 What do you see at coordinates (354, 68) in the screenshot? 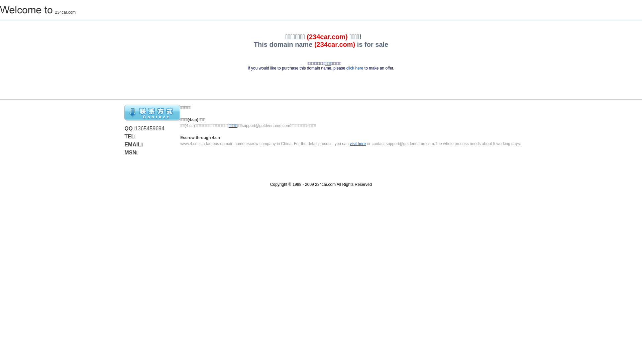
I see `'click here'` at bounding box center [354, 68].